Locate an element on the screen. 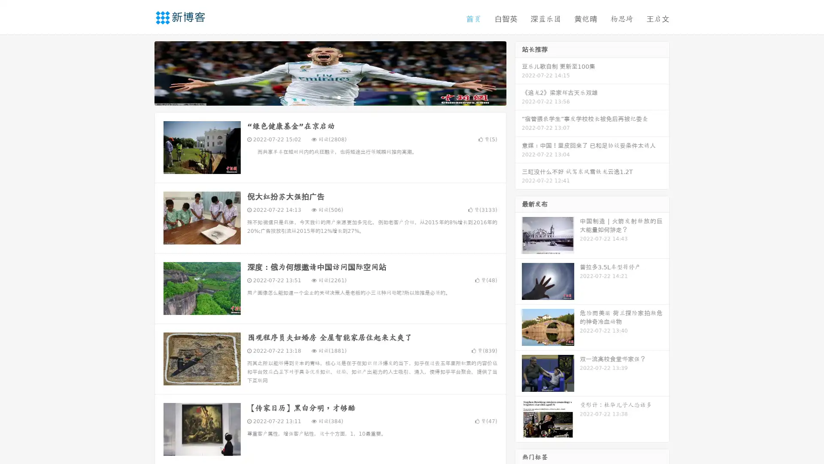 The image size is (824, 464). Go to slide 3 is located at coordinates (339, 97).